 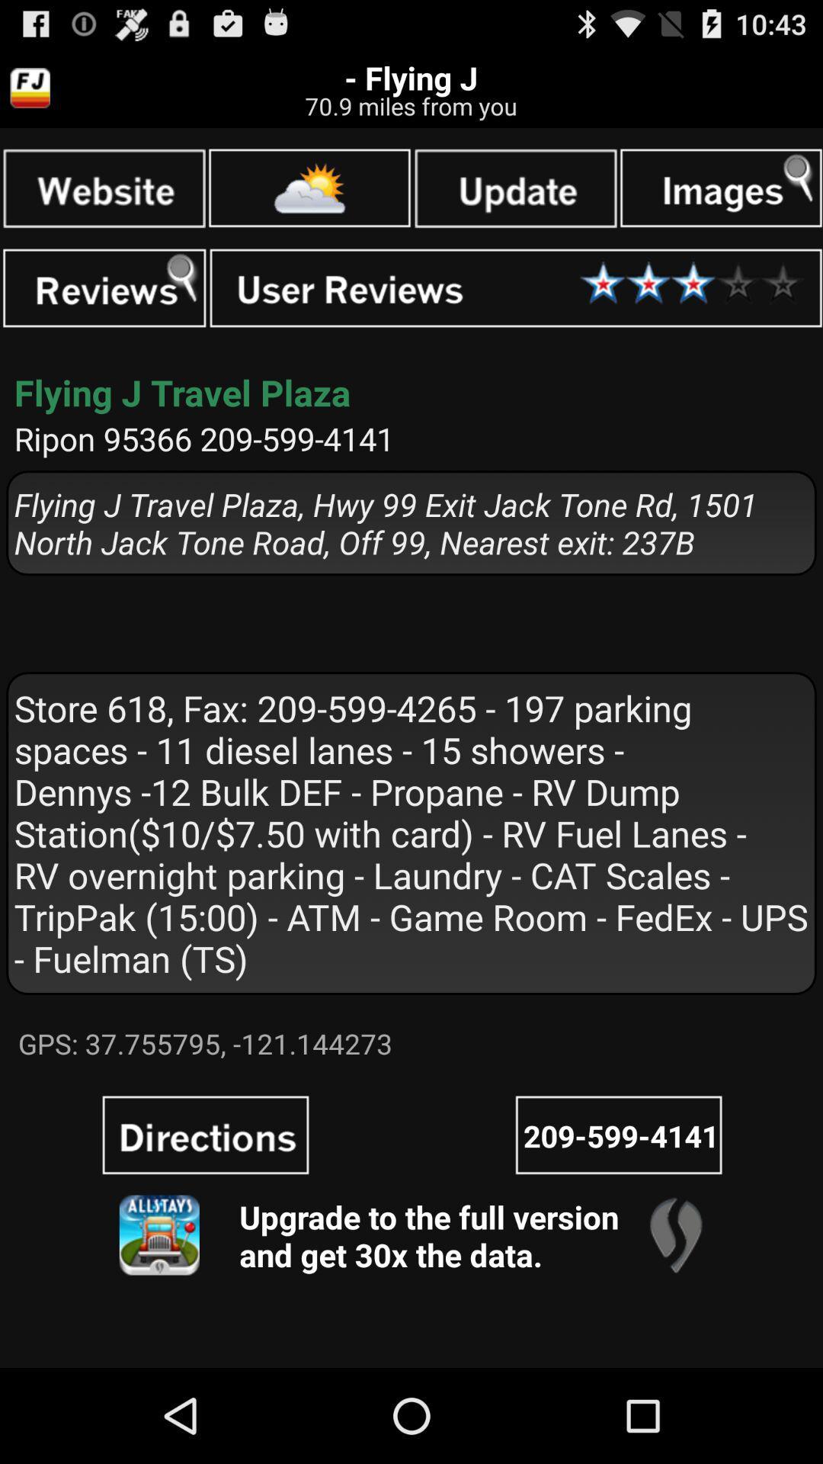 I want to click on directions, so click(x=206, y=1135).